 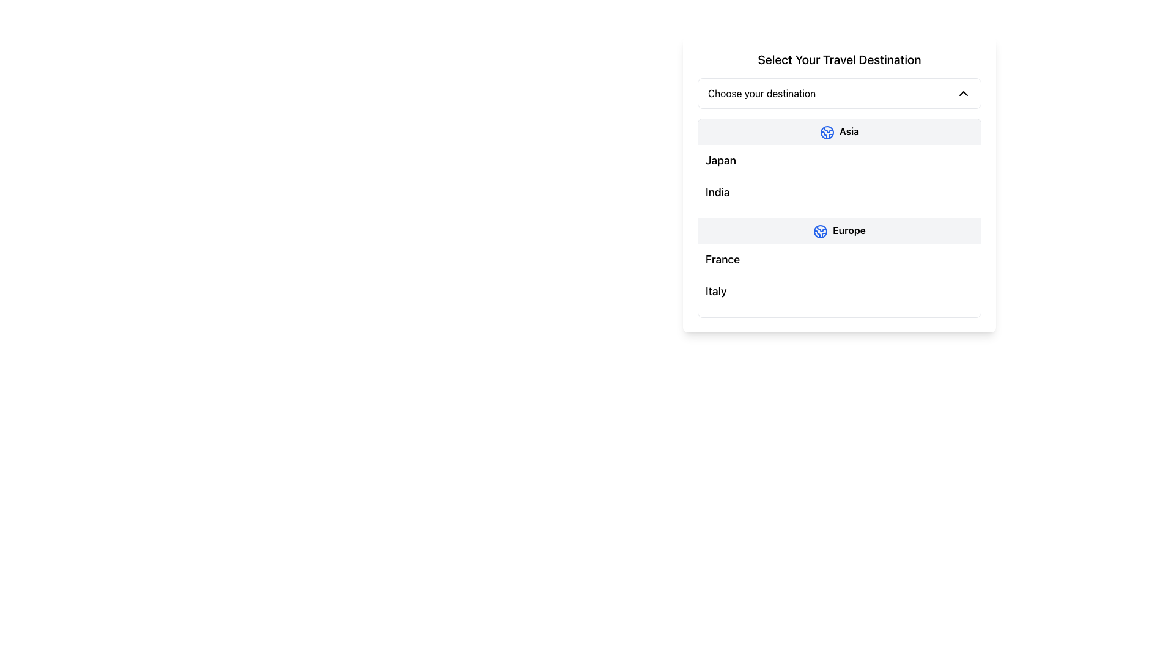 What do you see at coordinates (838, 290) in the screenshot?
I see `the 'Italy' destination option in the travel selection interface, which is the second item in the 'Europe' section, positioned directly below 'France'` at bounding box center [838, 290].